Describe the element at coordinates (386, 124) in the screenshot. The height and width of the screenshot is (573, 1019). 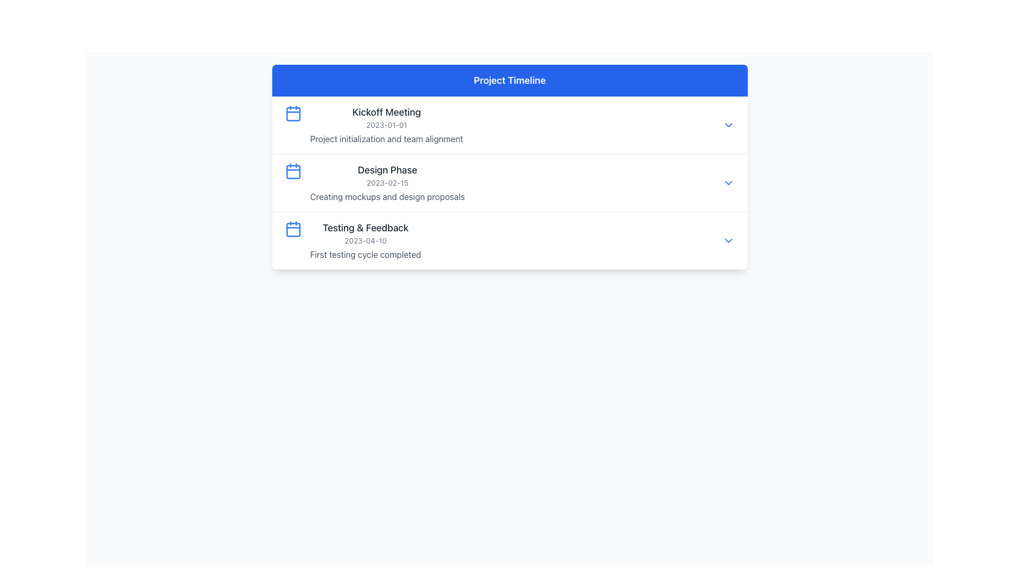
I see `the Text Display element that shows the date '2023-01-01', which is styled in gray and located below the title 'Kickoff Meeting' within the 'Project Timeline' interface` at that location.